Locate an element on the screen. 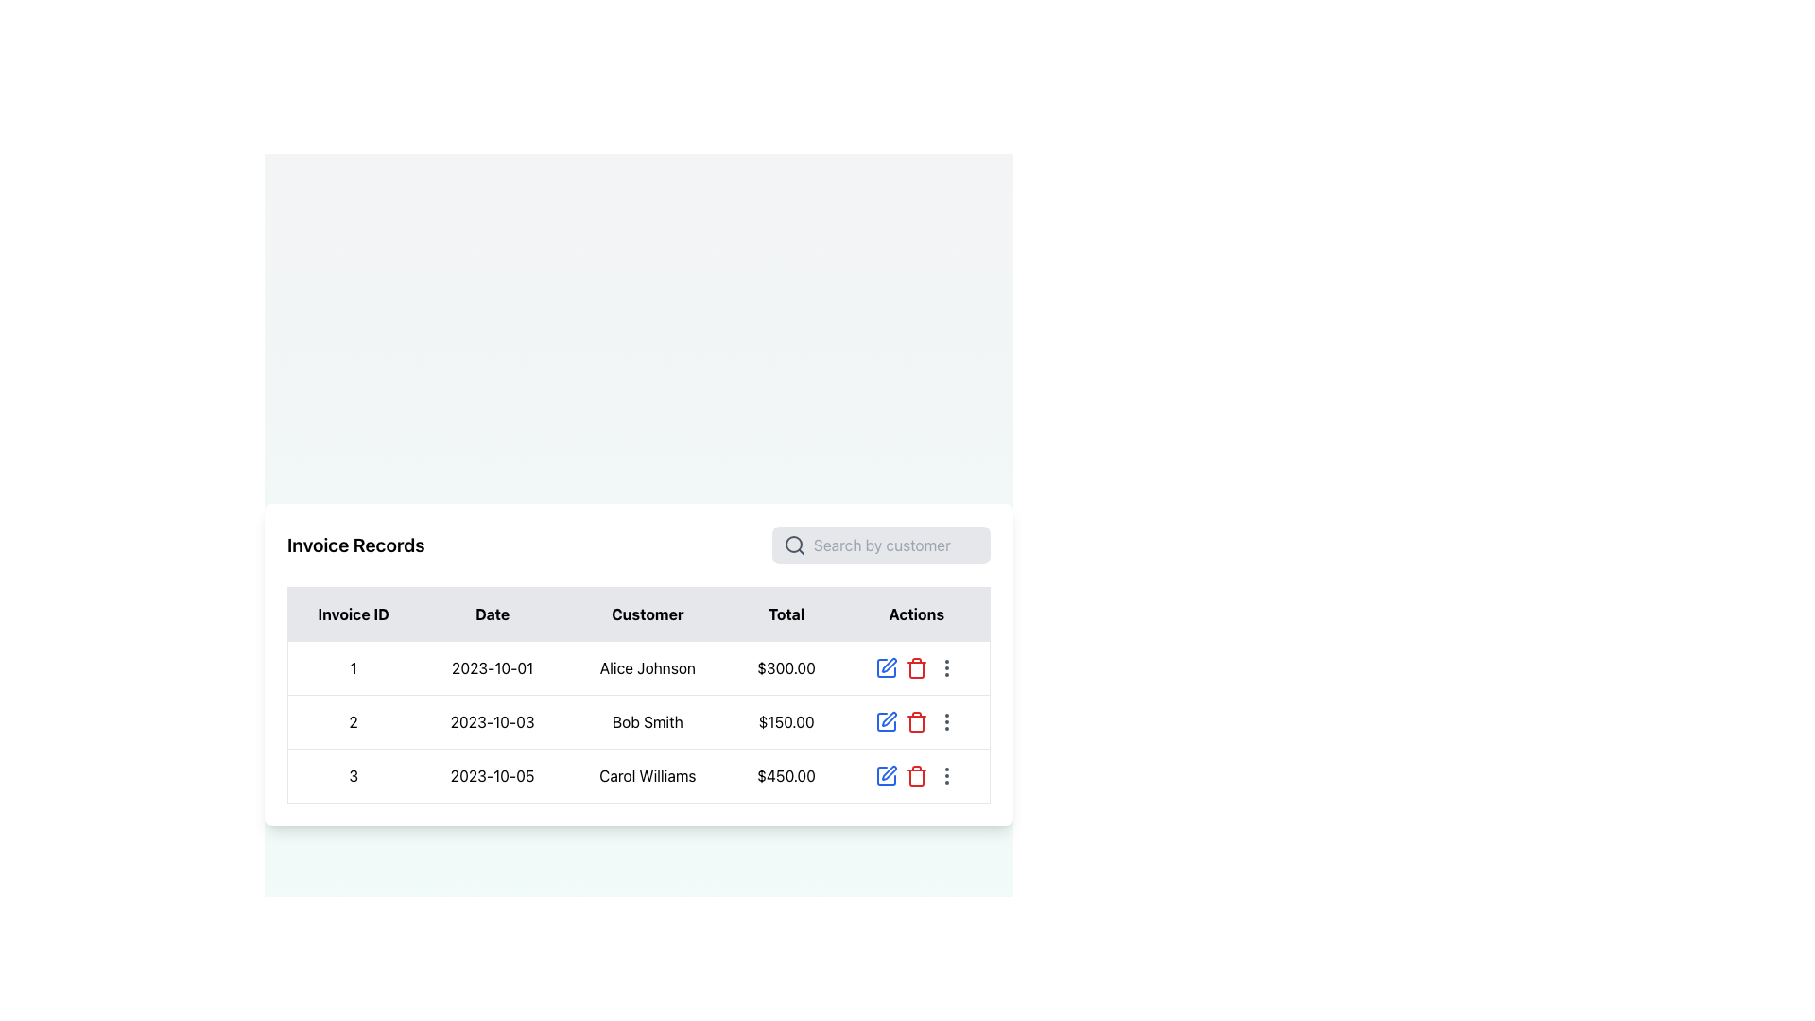 This screenshot has width=1815, height=1021. the delete button located in the first row of the 'Actions' column of the table is located at coordinates (916, 775).